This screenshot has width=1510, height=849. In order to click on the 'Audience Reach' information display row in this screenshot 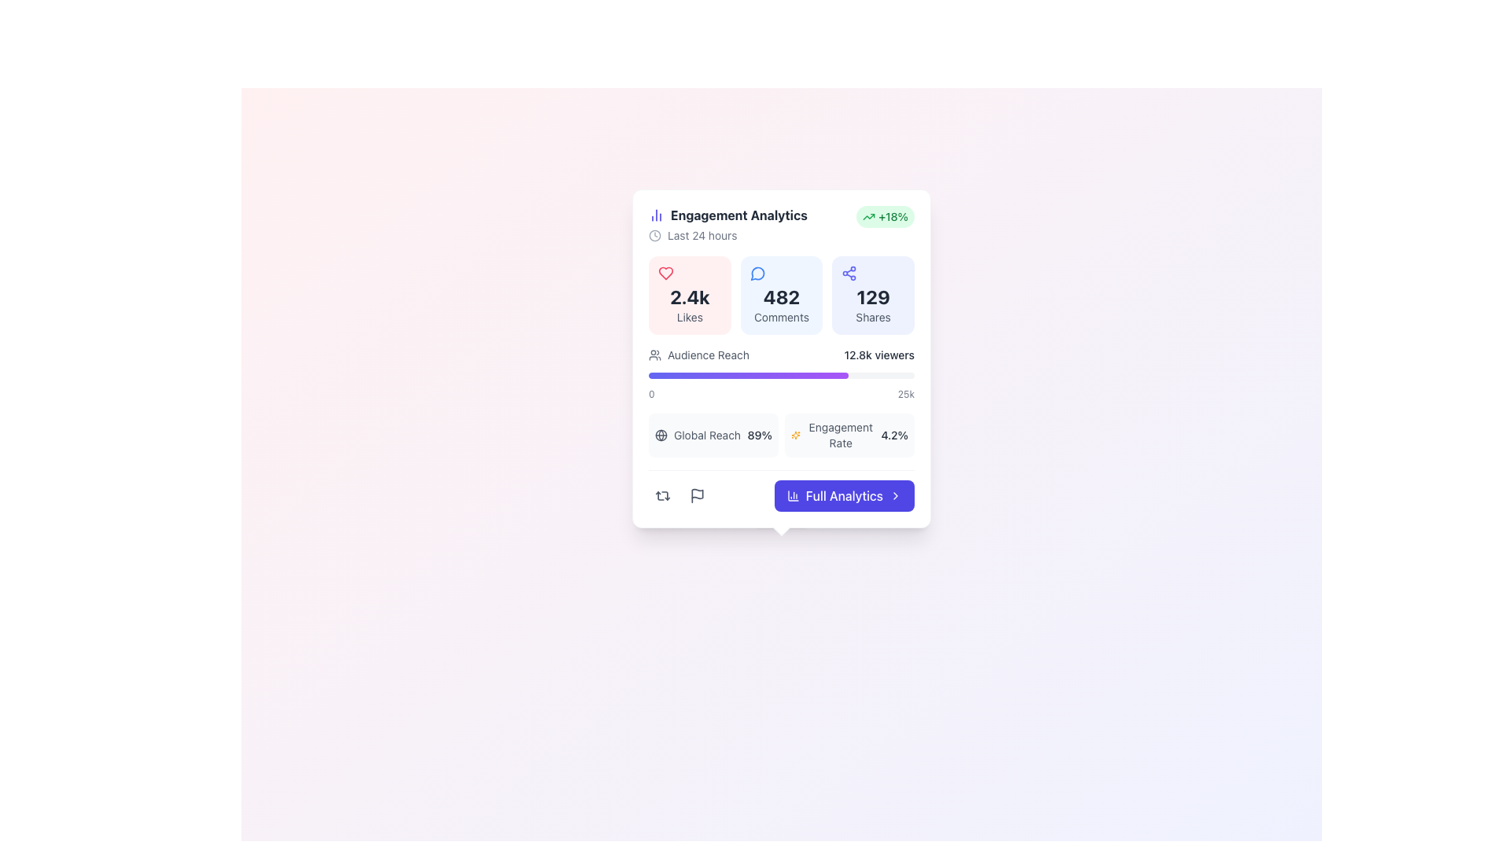, I will do `click(781, 355)`.